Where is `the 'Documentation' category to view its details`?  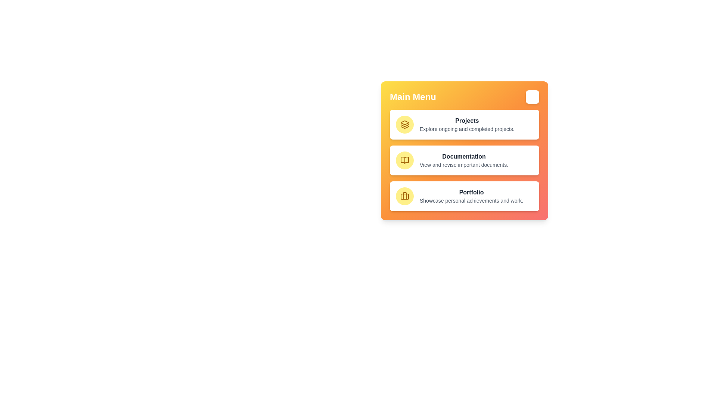
the 'Documentation' category to view its details is located at coordinates (464, 160).